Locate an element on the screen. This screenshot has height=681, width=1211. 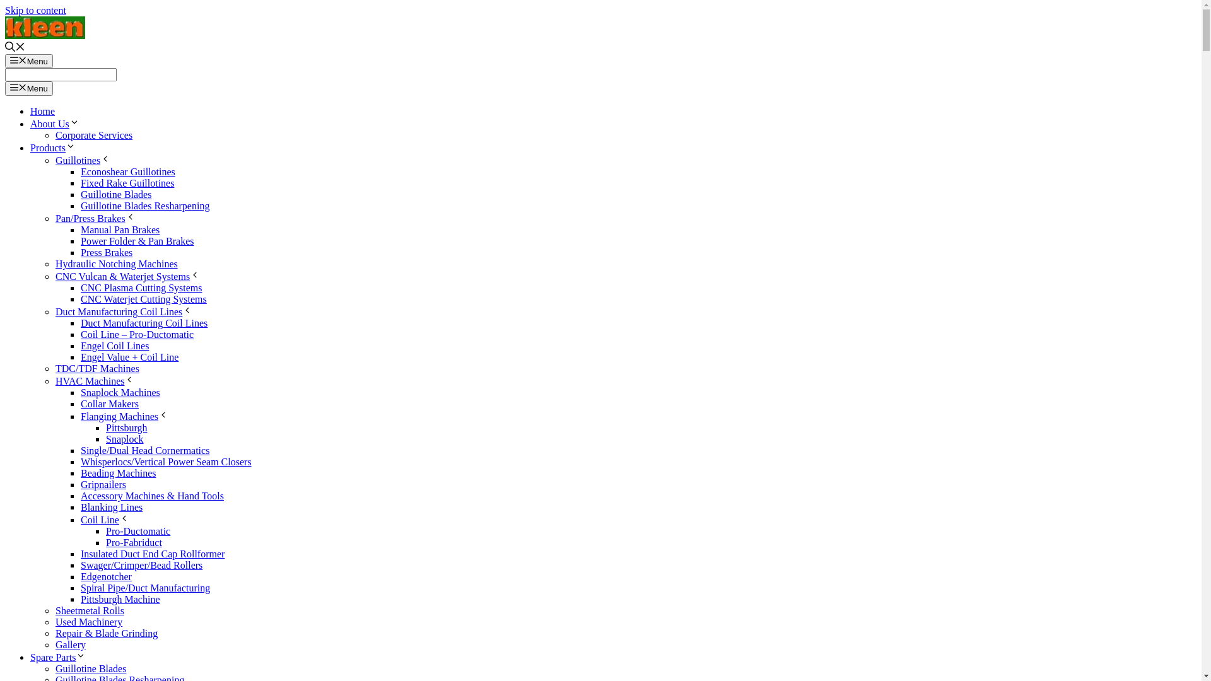
'Spiral Pipe/Duct Manufacturing' is located at coordinates (145, 588).